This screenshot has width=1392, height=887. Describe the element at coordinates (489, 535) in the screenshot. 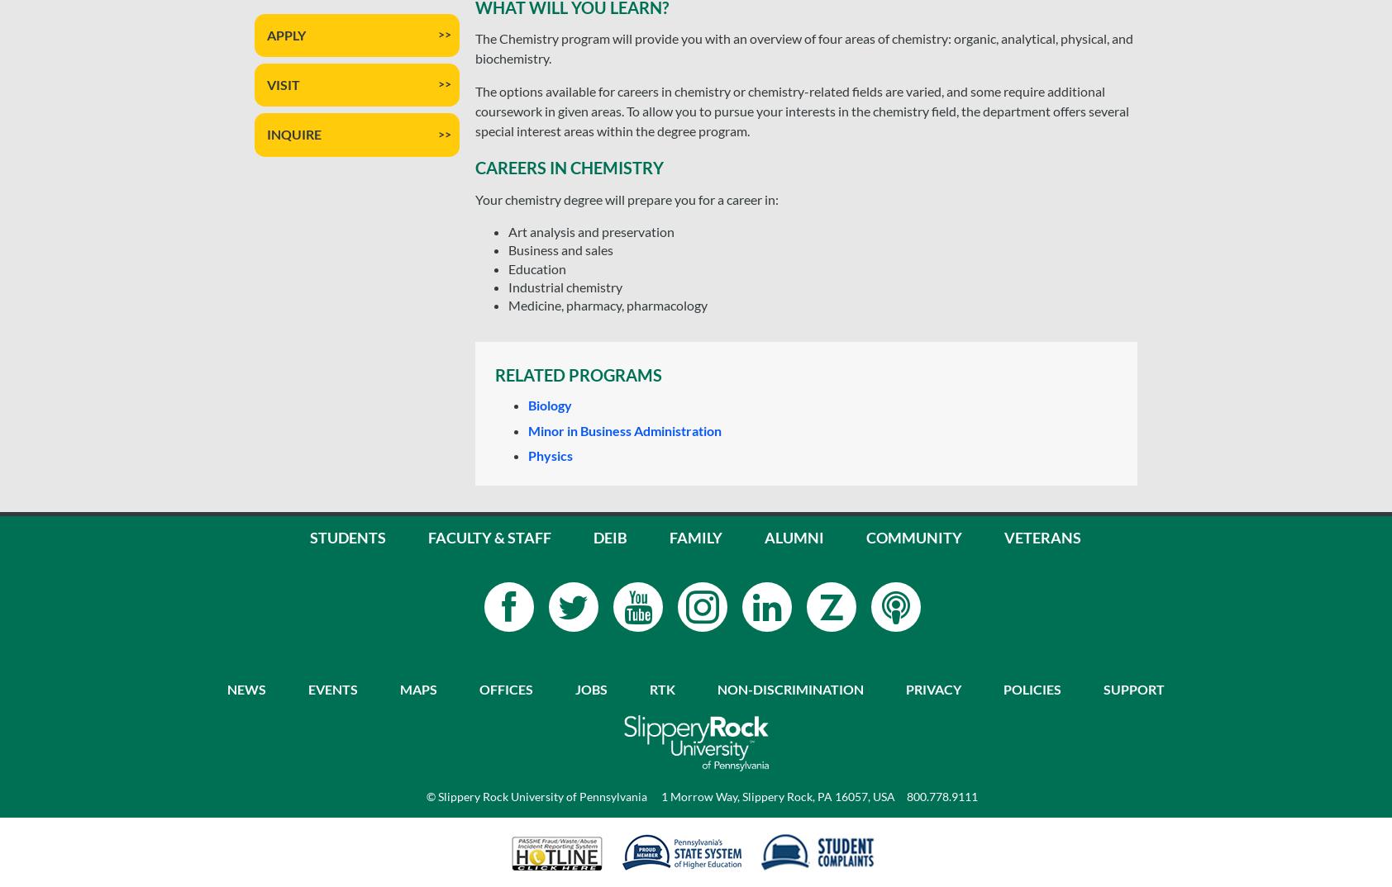

I see `'Faculty & Staff'` at that location.